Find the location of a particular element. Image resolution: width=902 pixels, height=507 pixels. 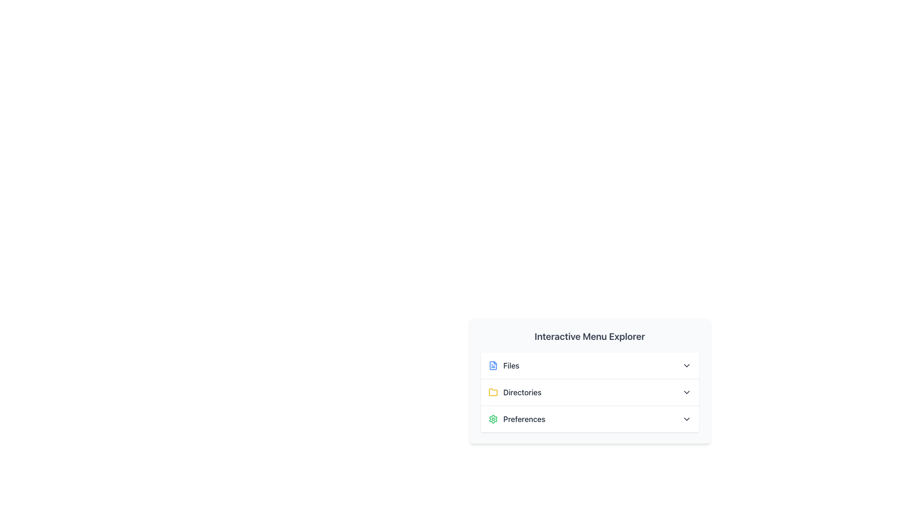

the icon located to the right of the 'Preferences' text is located at coordinates (686, 419).